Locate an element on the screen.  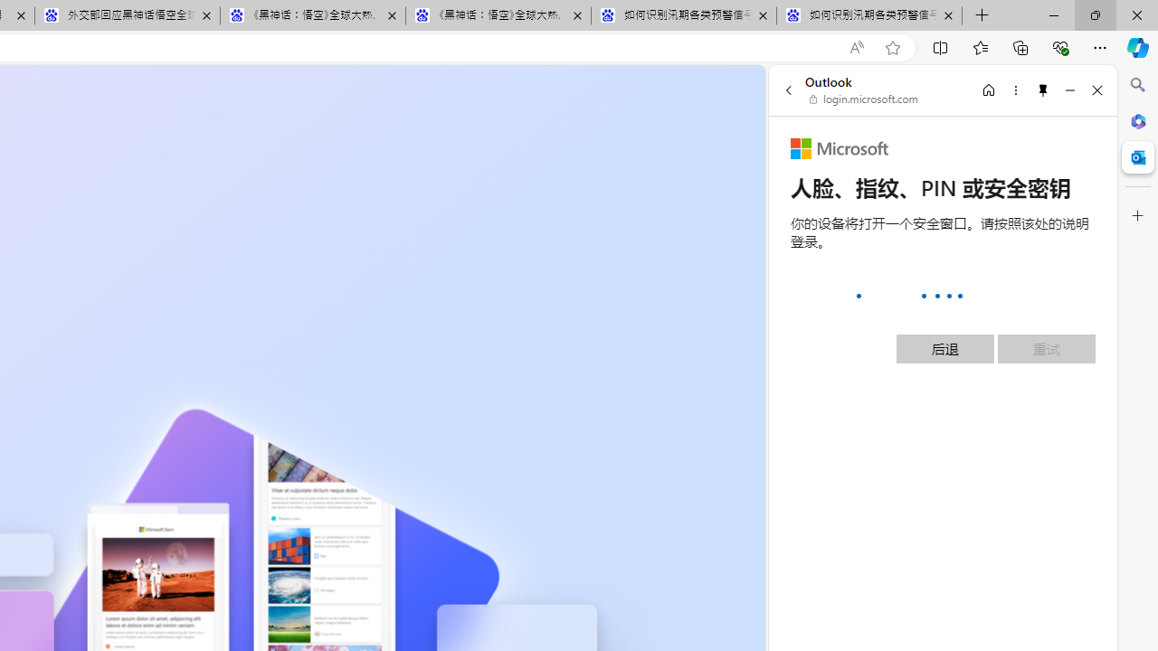
'login.microsoft.com' is located at coordinates (863, 99).